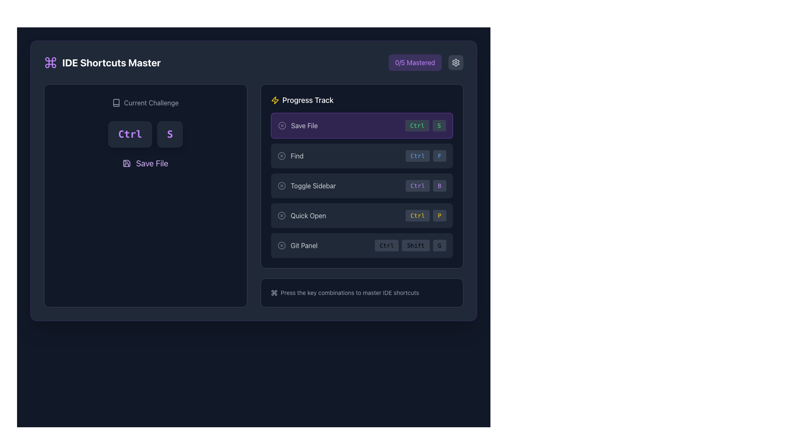 Image resolution: width=798 pixels, height=448 pixels. I want to click on the Keyboard Shortcut Indicator, so click(426, 185).